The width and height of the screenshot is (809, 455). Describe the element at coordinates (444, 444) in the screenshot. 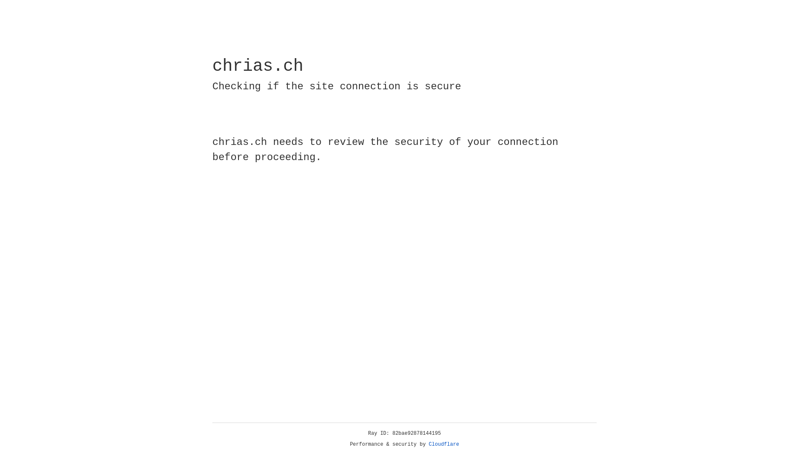

I see `'Cloudflare'` at that location.